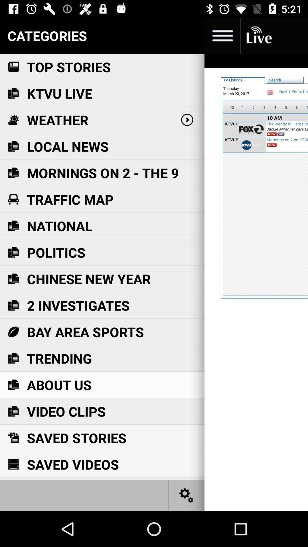 This screenshot has height=547, width=308. I want to click on settings, so click(187, 495).